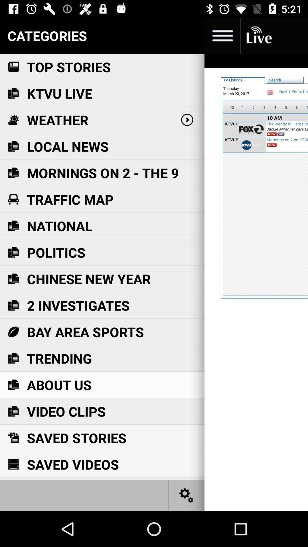 This screenshot has height=547, width=308. I want to click on settings, so click(187, 495).